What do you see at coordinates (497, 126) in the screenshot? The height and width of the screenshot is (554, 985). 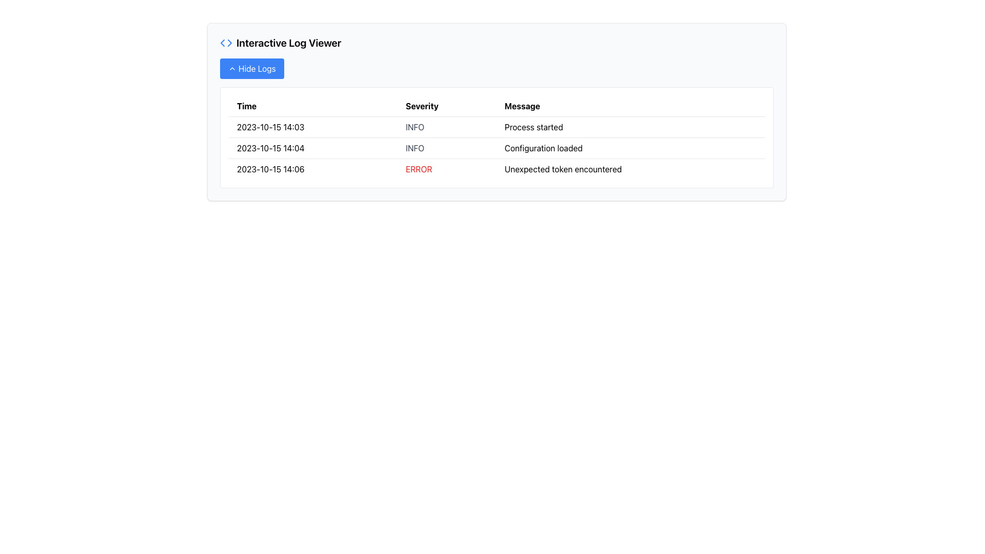 I see `the first log entry row in the log viewer table containing the timestamp '2023-10-15 14:03', severity 'INFO', and message 'Process started'` at bounding box center [497, 126].